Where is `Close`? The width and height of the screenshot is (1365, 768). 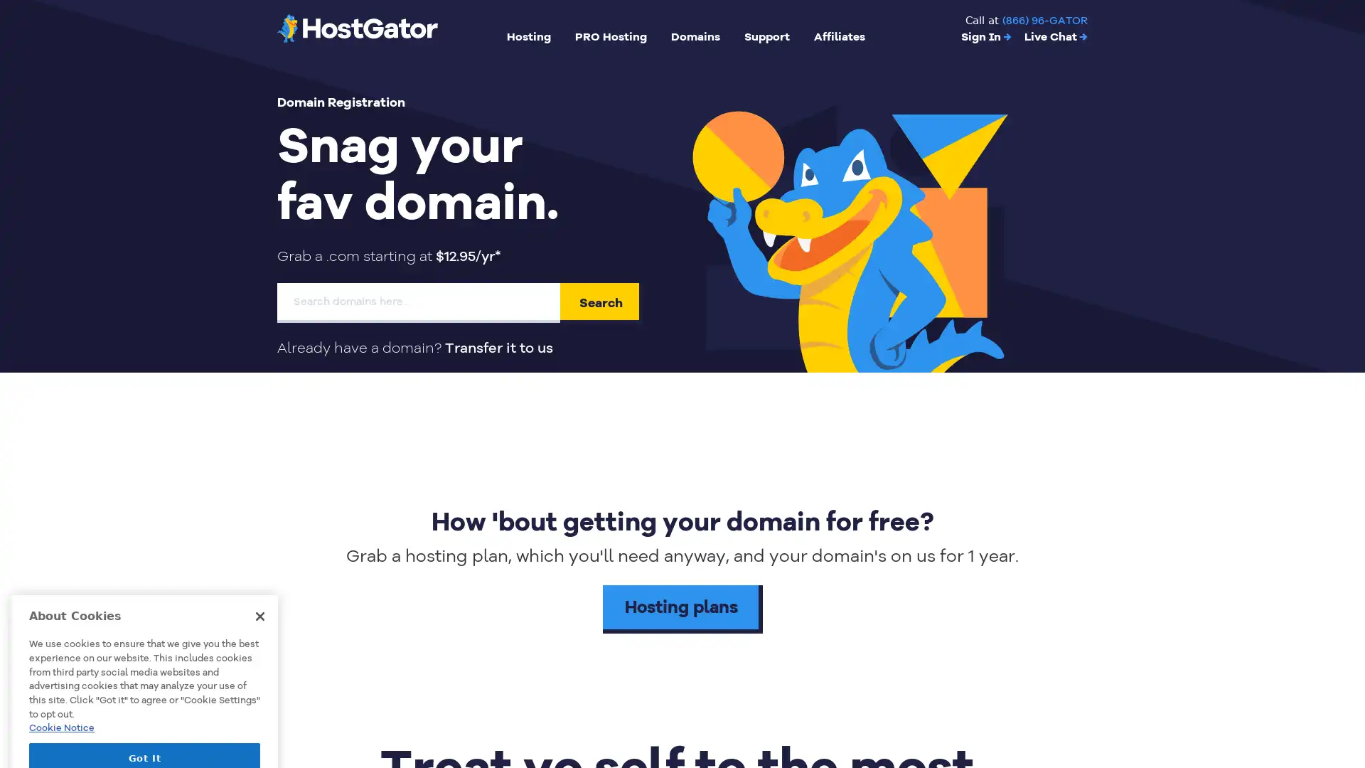 Close is located at coordinates (259, 533).